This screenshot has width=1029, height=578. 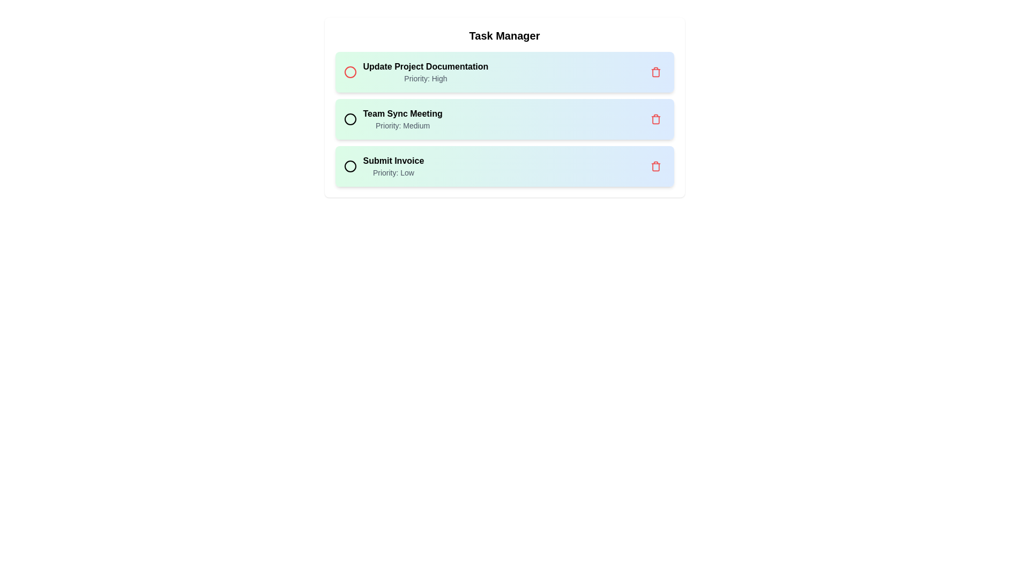 What do you see at coordinates (655, 166) in the screenshot?
I see `the delete icon for the task with title 'Submit Invoice'` at bounding box center [655, 166].